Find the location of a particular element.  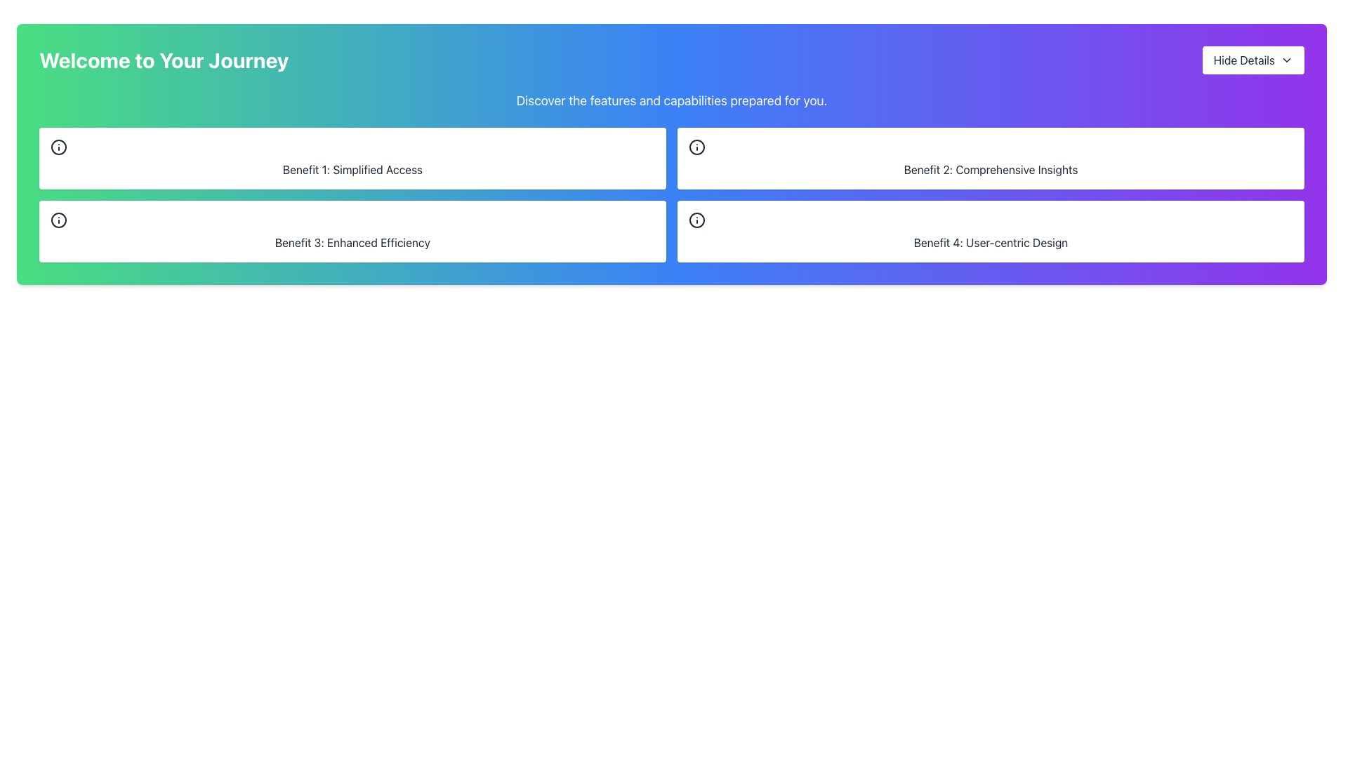

the information icon in the bottom-right quadrant associated with 'Benefit 4: User-centric Design' section of the interface is located at coordinates (697, 220).